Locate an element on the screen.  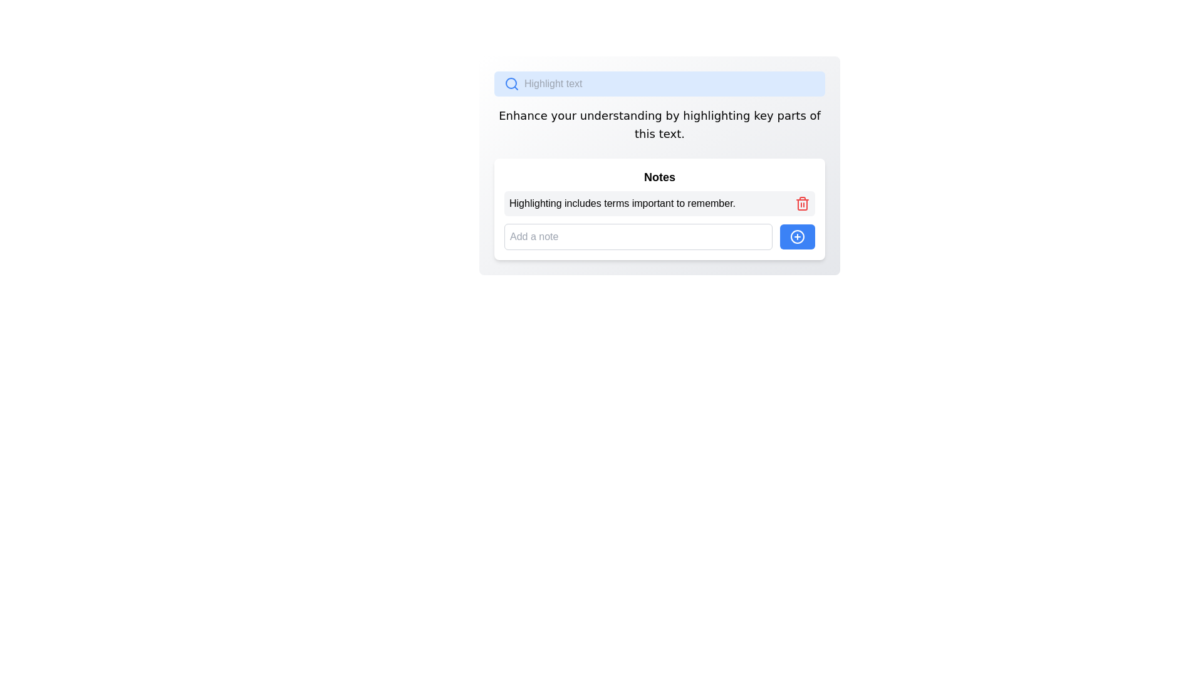
the text element that is part of the phrase 'Enhance your understanding by highlighting key parts of this text' is located at coordinates (680, 115).